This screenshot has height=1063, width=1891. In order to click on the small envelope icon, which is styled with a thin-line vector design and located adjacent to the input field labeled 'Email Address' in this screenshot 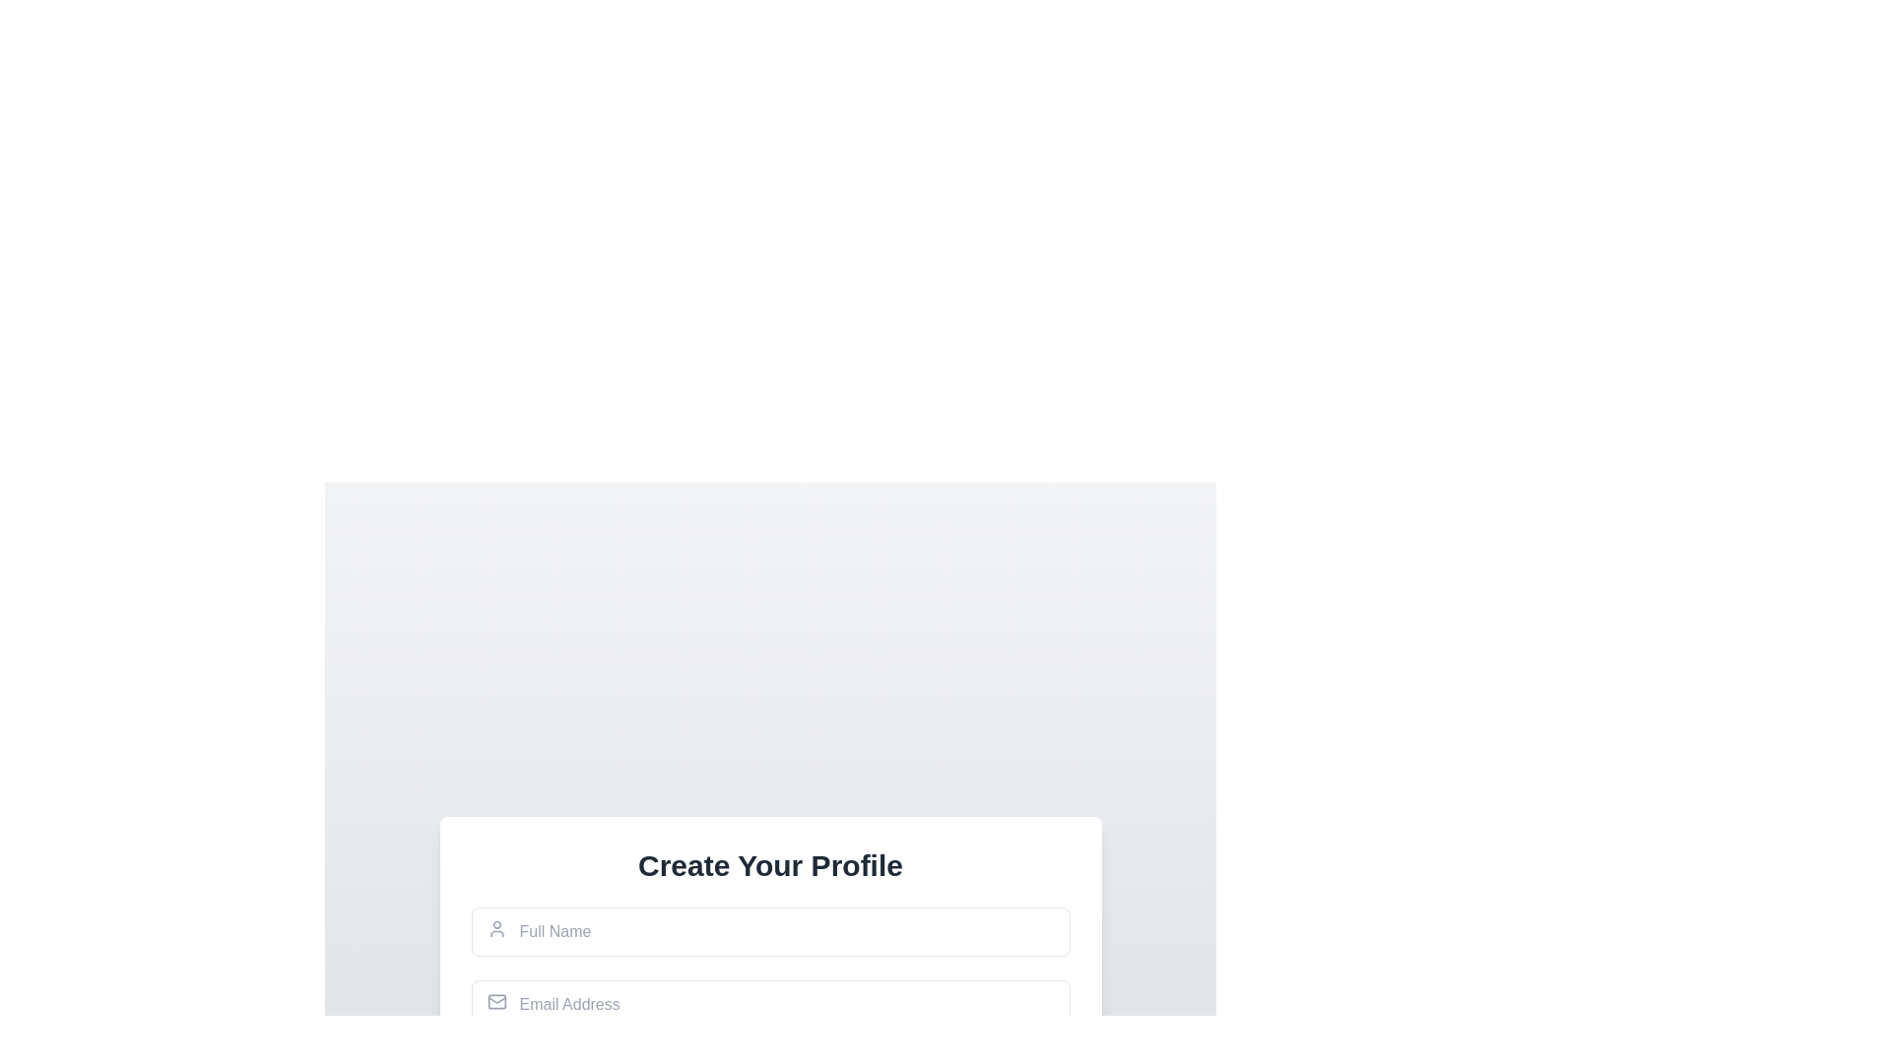, I will do `click(496, 1002)`.